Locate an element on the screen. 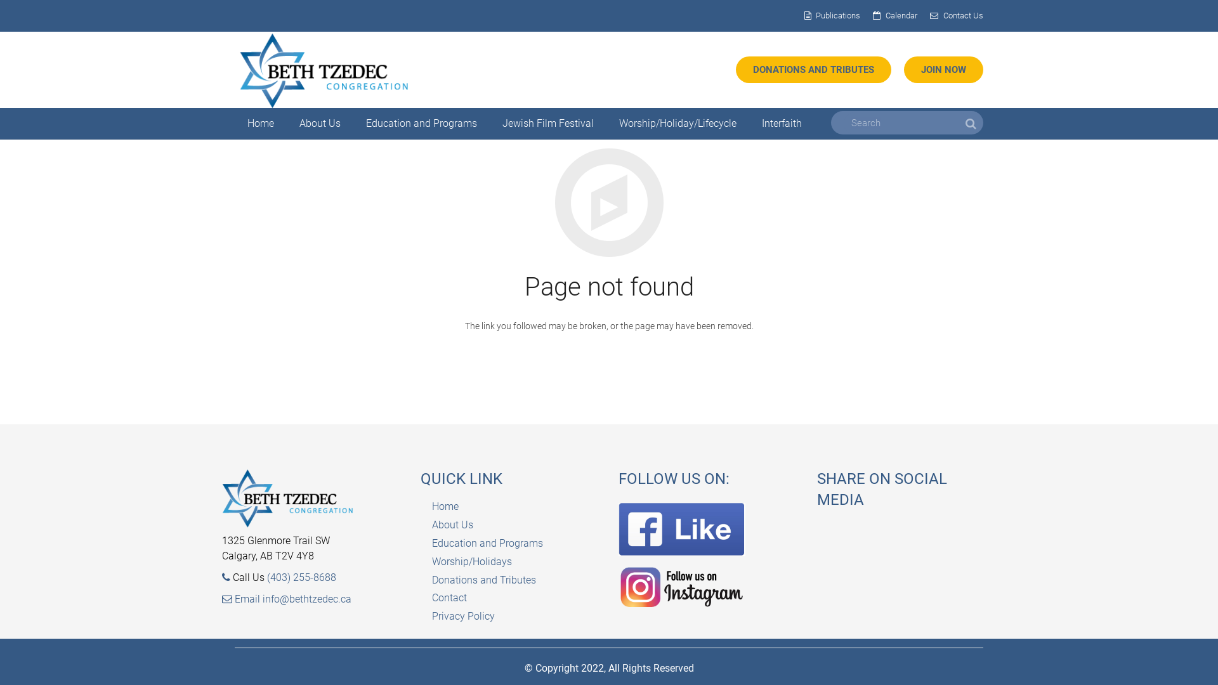 This screenshot has width=1218, height=685. 'Publications' is located at coordinates (837, 15).